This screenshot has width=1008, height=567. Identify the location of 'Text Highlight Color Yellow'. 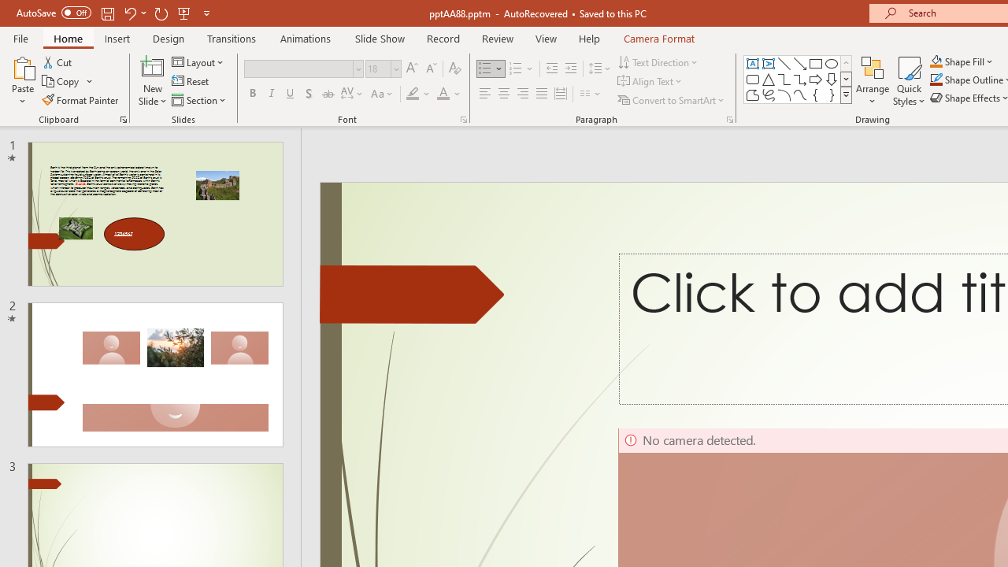
(413, 94).